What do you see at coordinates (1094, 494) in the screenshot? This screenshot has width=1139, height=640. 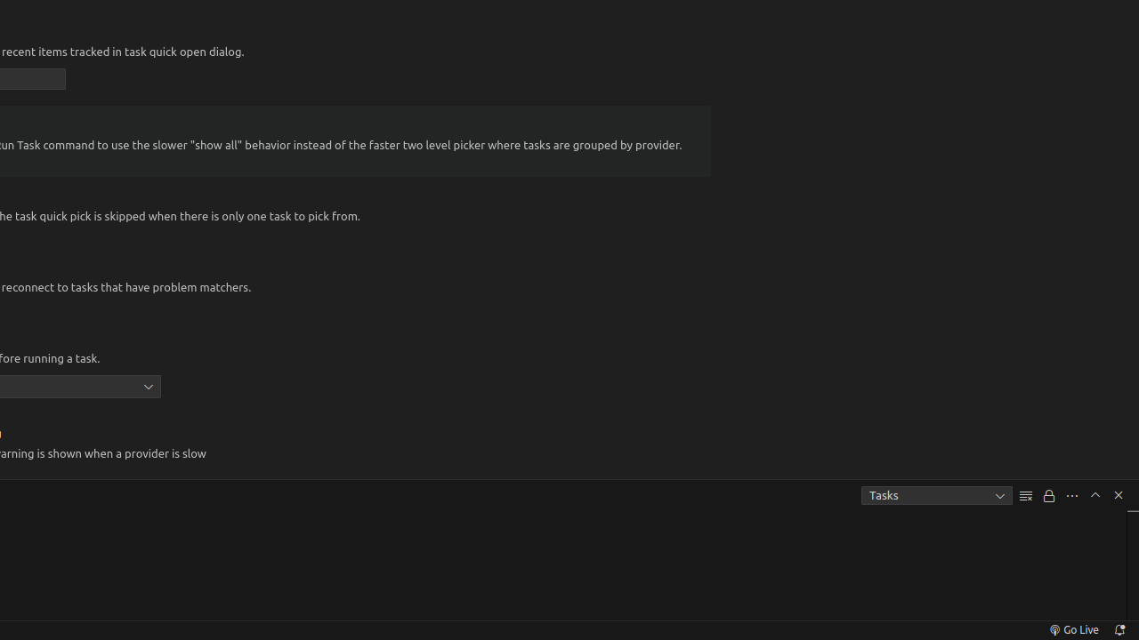 I see `'Maximize Panel Size'` at bounding box center [1094, 494].